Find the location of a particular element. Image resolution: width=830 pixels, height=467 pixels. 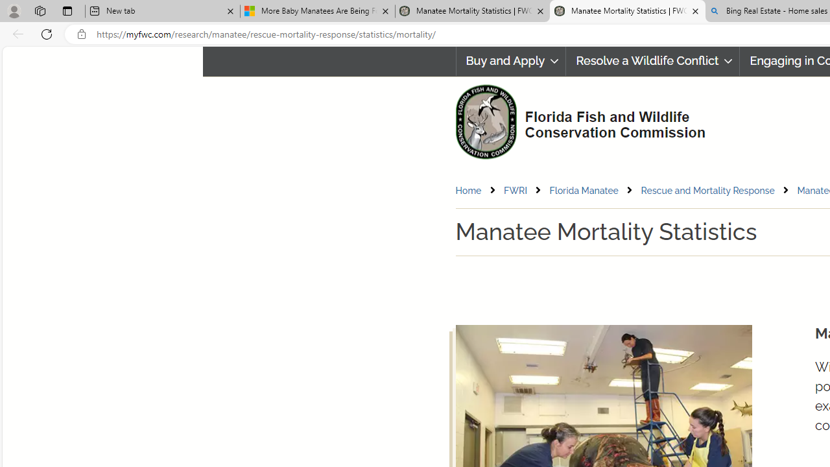

'FWRI' is located at coordinates (514, 190).